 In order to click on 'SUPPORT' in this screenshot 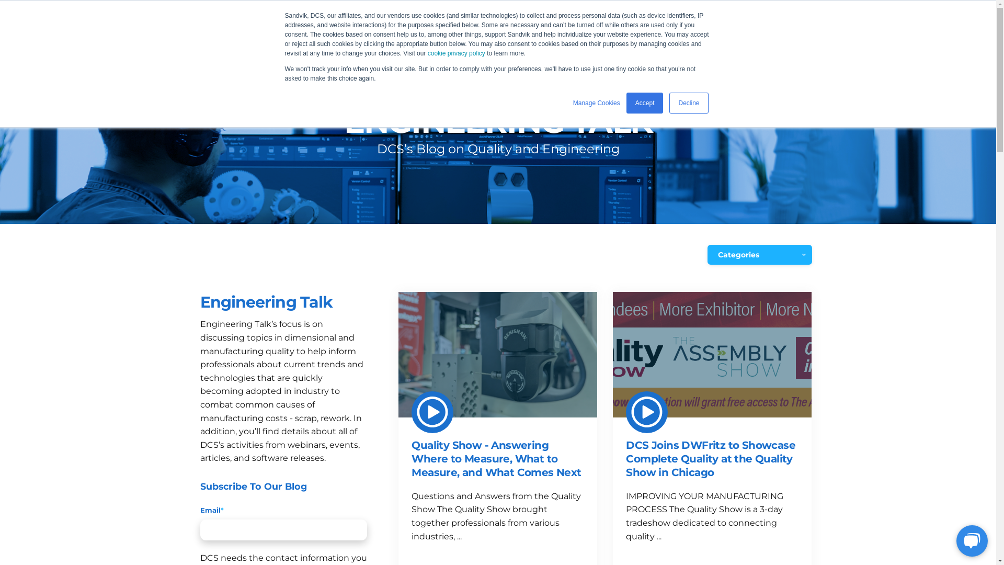, I will do `click(570, 10)`.